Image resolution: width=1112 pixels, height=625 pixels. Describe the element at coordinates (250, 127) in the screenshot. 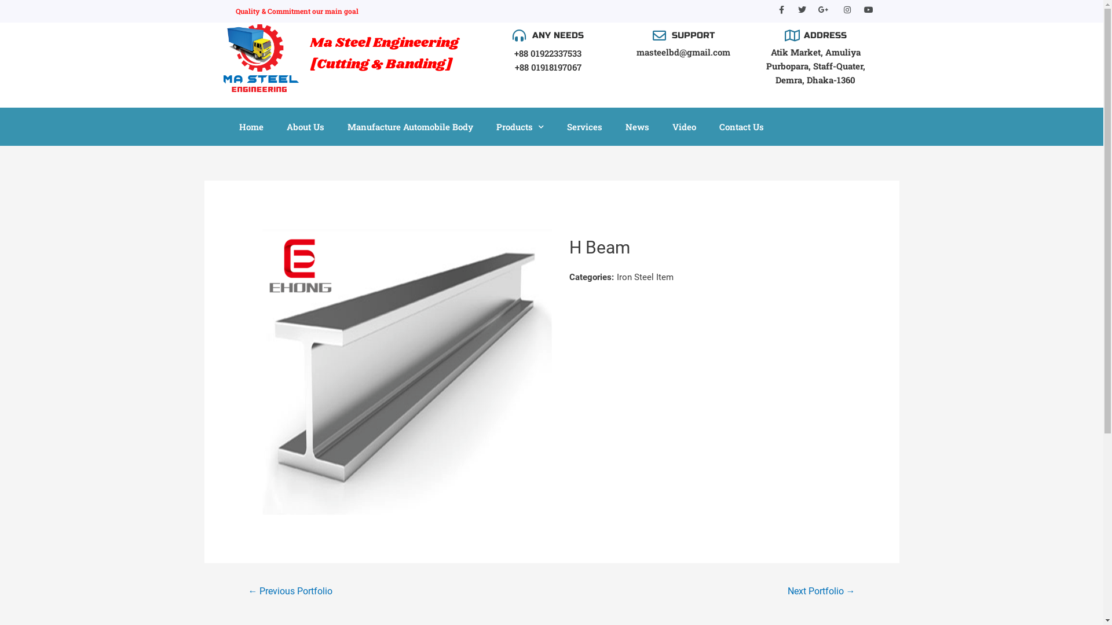

I see `'Home'` at that location.